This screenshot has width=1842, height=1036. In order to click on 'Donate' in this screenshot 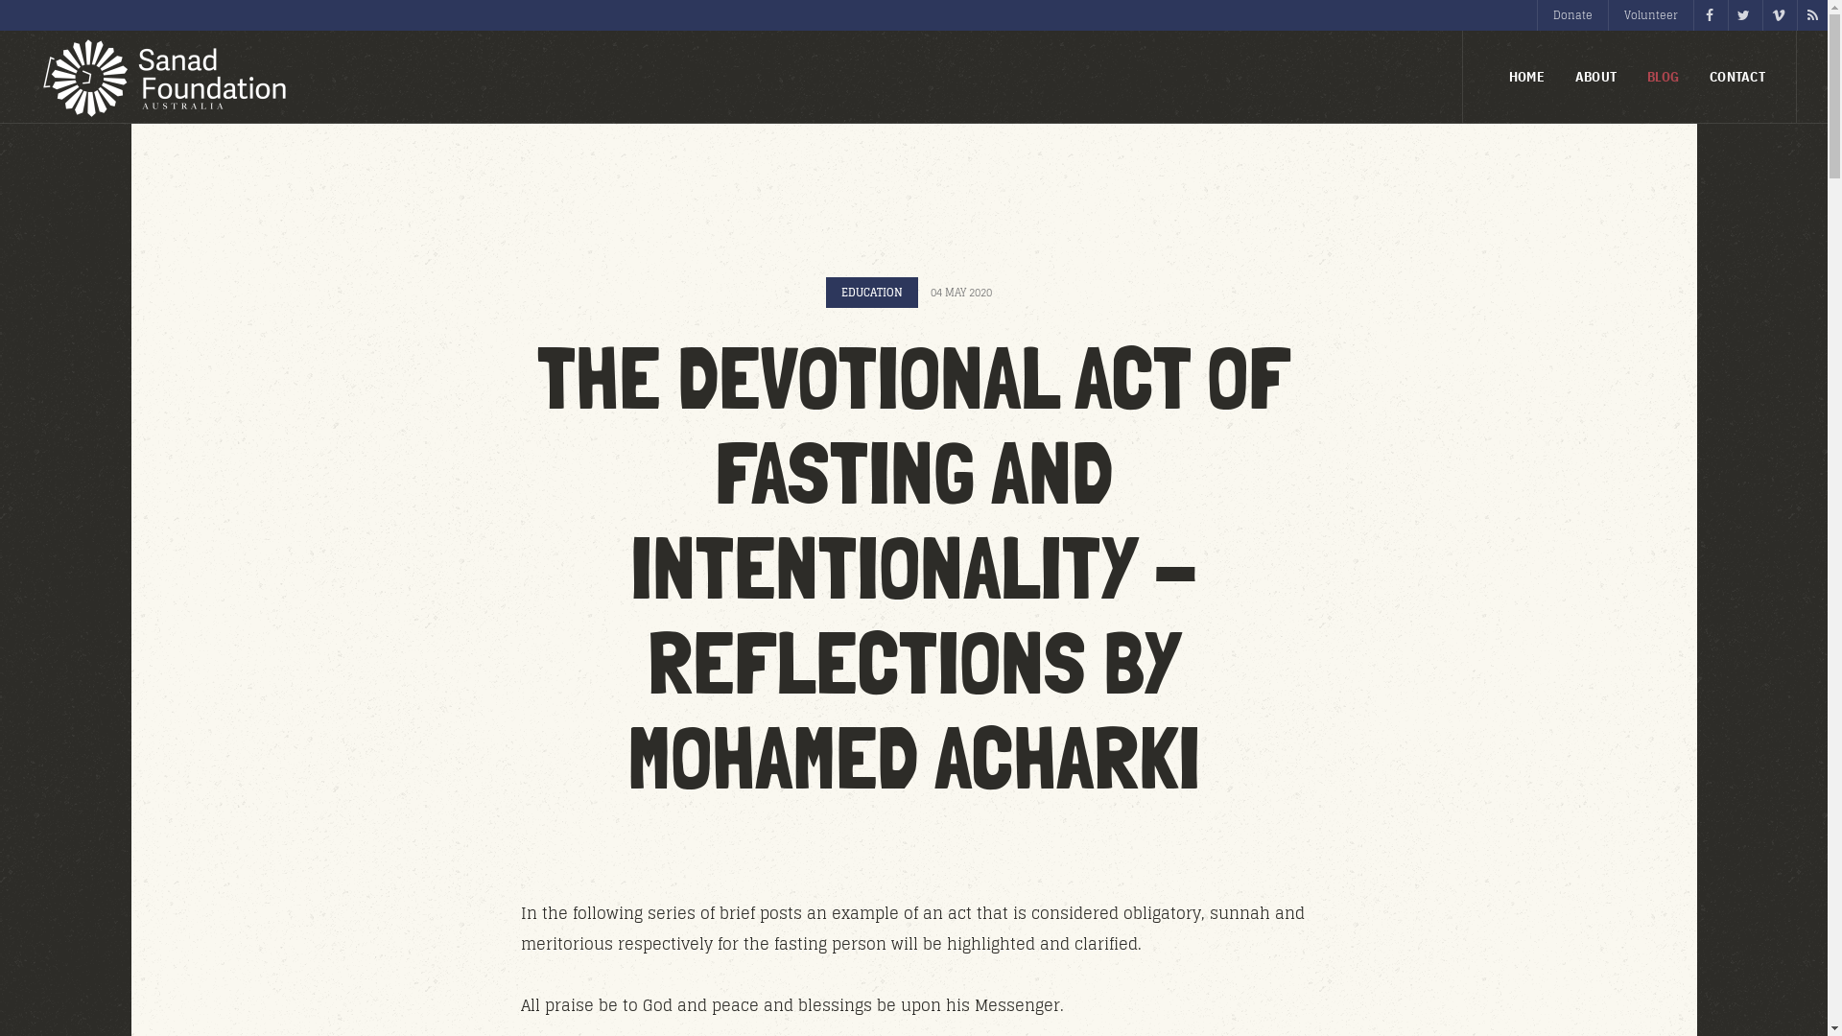, I will do `click(1571, 14)`.